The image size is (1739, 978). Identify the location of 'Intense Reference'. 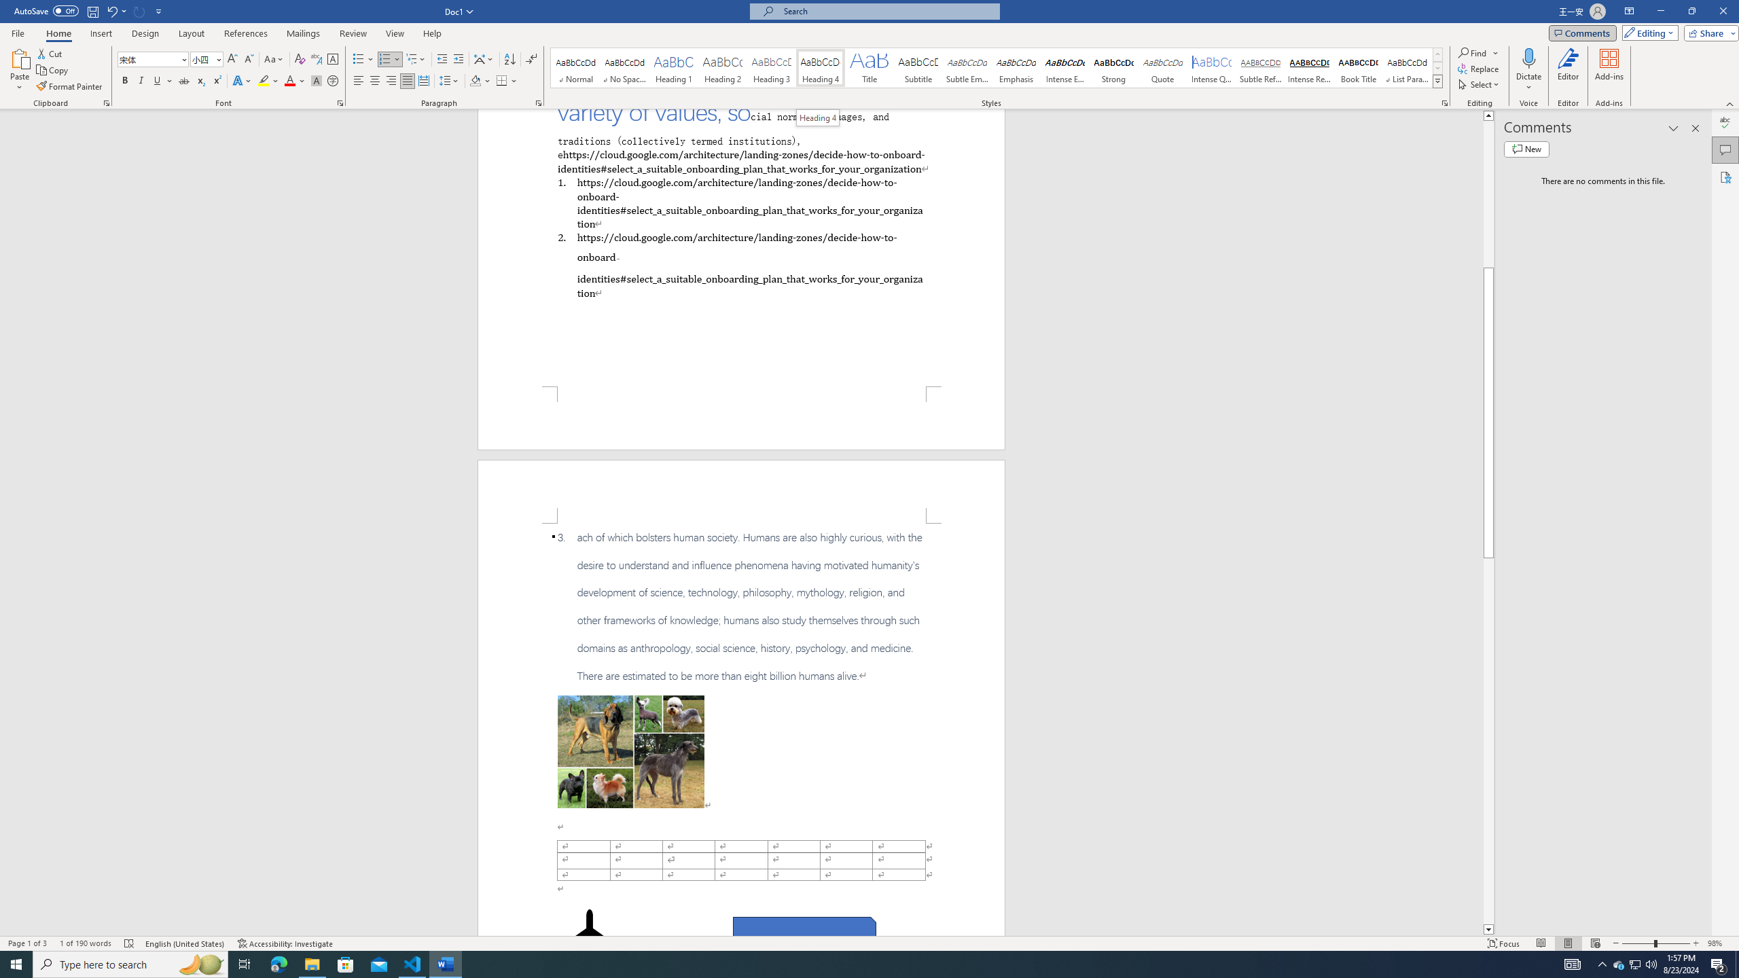
(1309, 67).